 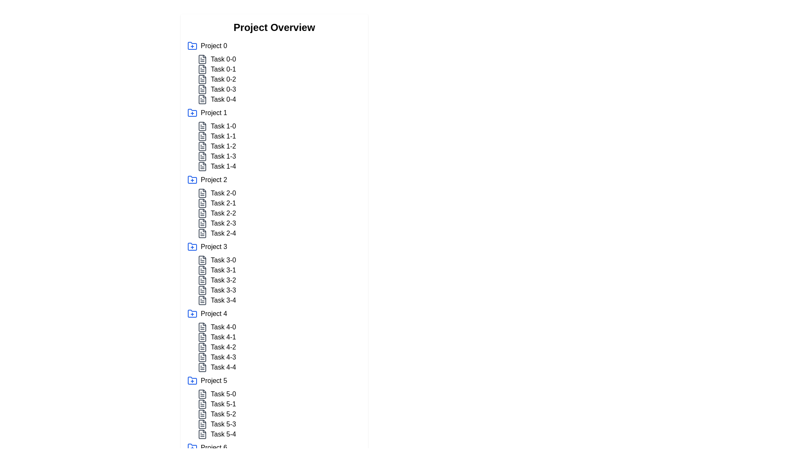 I want to click on the file icon representing 'Task 1-3' located to the left of the text in the 'Project 1' section, so click(x=202, y=157).